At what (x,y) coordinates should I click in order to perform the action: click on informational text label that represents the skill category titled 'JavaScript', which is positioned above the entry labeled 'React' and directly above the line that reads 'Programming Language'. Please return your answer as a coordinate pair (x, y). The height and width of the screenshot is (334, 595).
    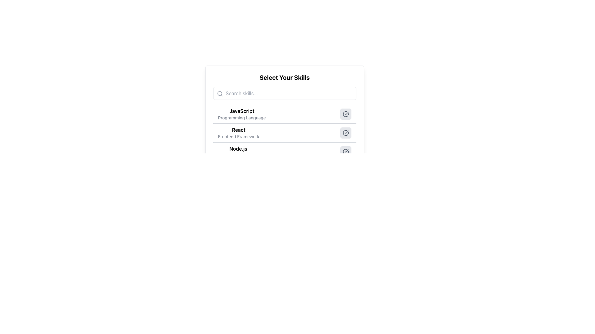
    Looking at the image, I should click on (241, 110).